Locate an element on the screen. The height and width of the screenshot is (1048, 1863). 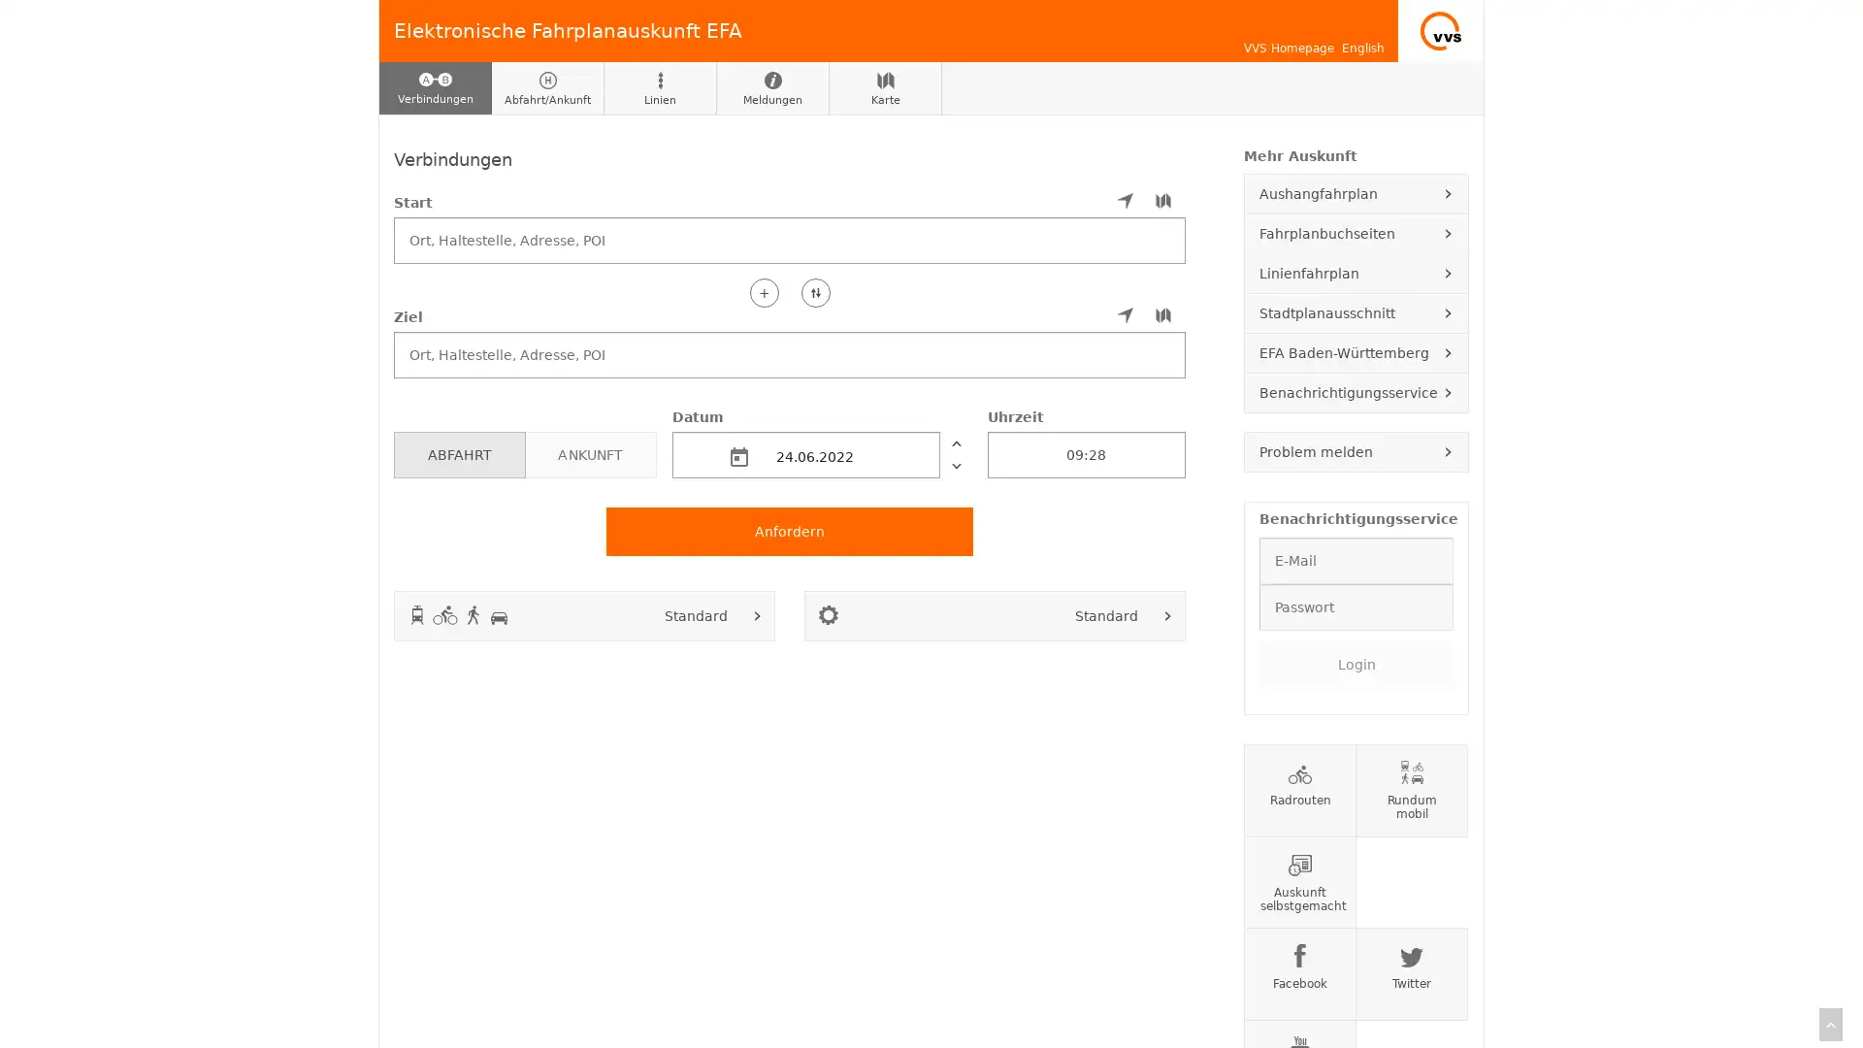
Anfordern is located at coordinates (790, 531).